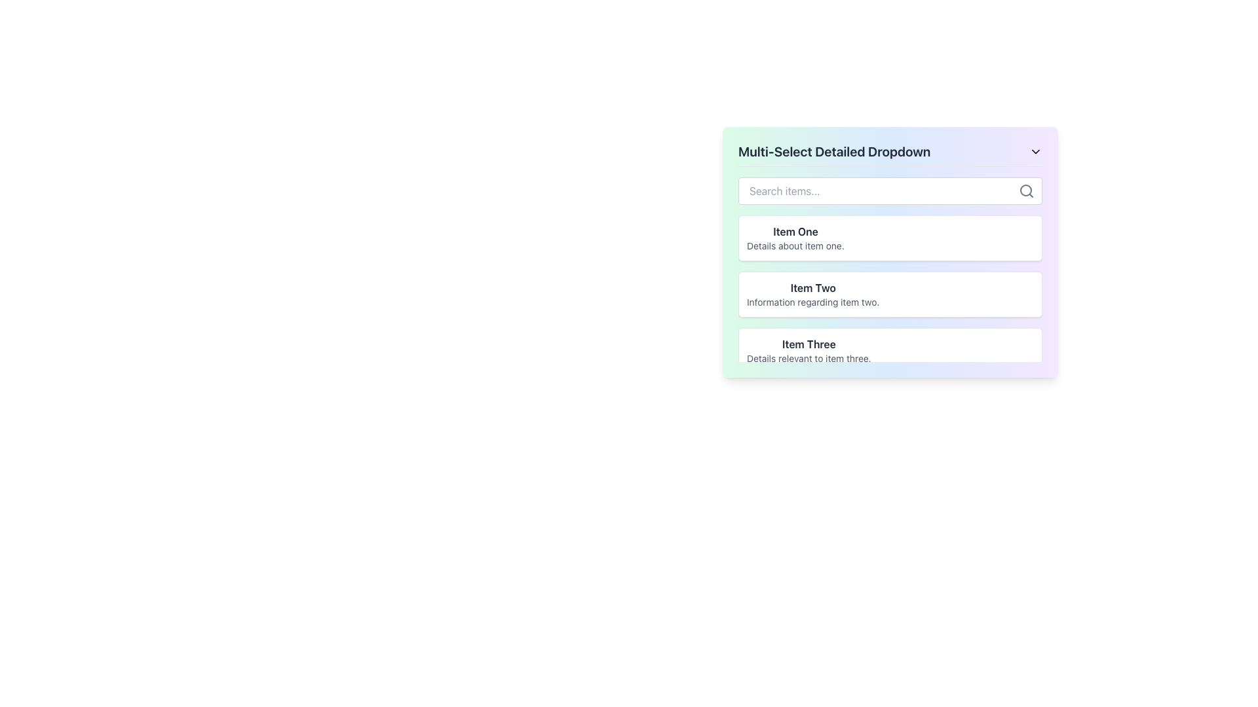  Describe the element at coordinates (890, 350) in the screenshot. I see `the third entry in the dropdown menu that follows 'Item One' and 'Item Two'` at that location.